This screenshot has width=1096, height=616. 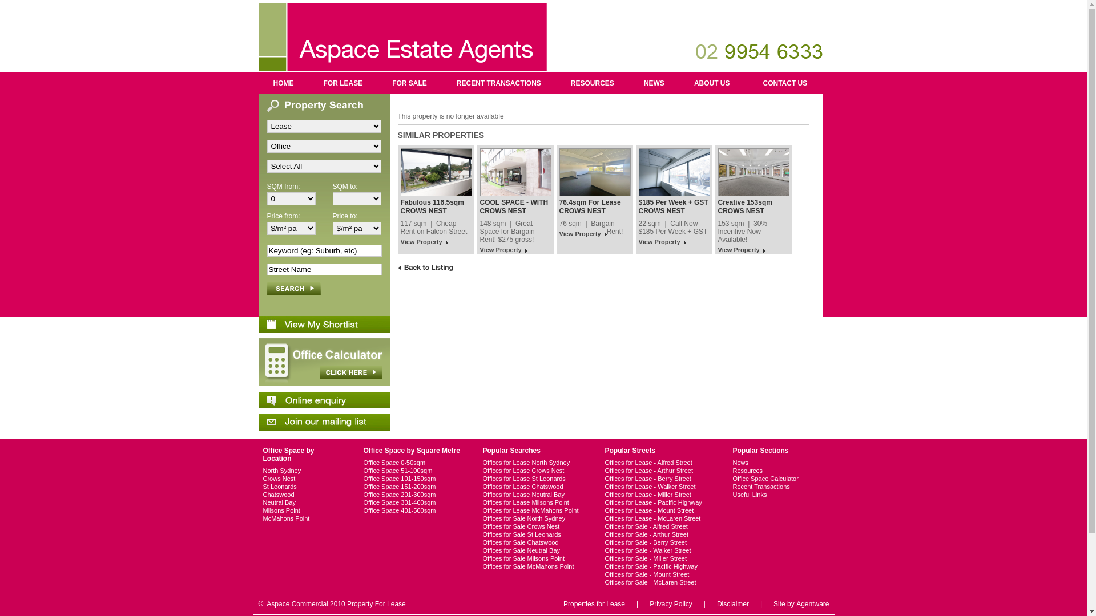 What do you see at coordinates (659, 479) in the screenshot?
I see `'Offices for Lease - Berry Street'` at bounding box center [659, 479].